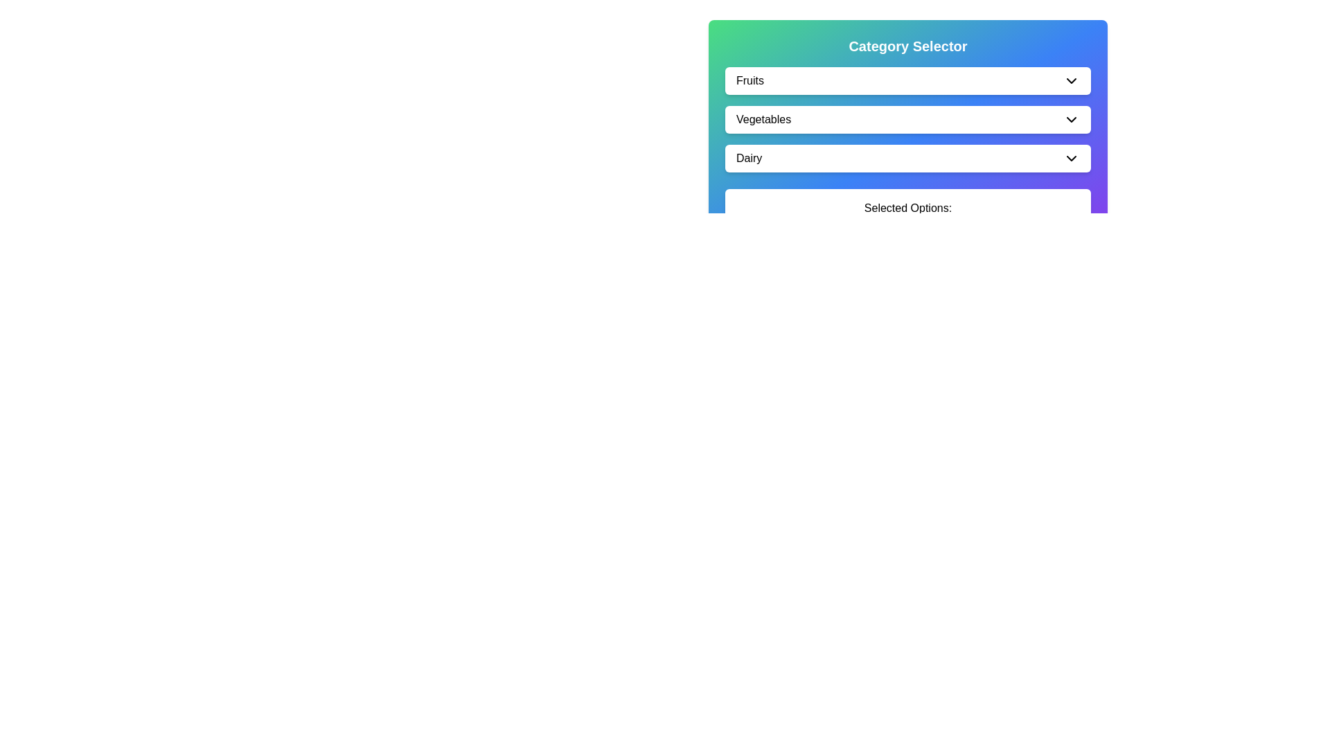  What do you see at coordinates (763, 119) in the screenshot?
I see `the 'Vegetables' text label within the dropdown menu` at bounding box center [763, 119].